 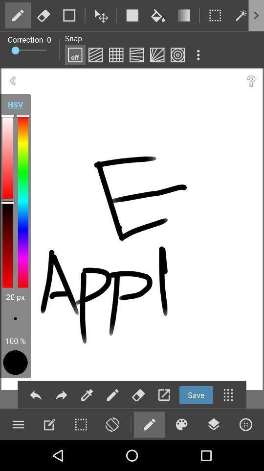 What do you see at coordinates (18, 424) in the screenshot?
I see `more tools` at bounding box center [18, 424].